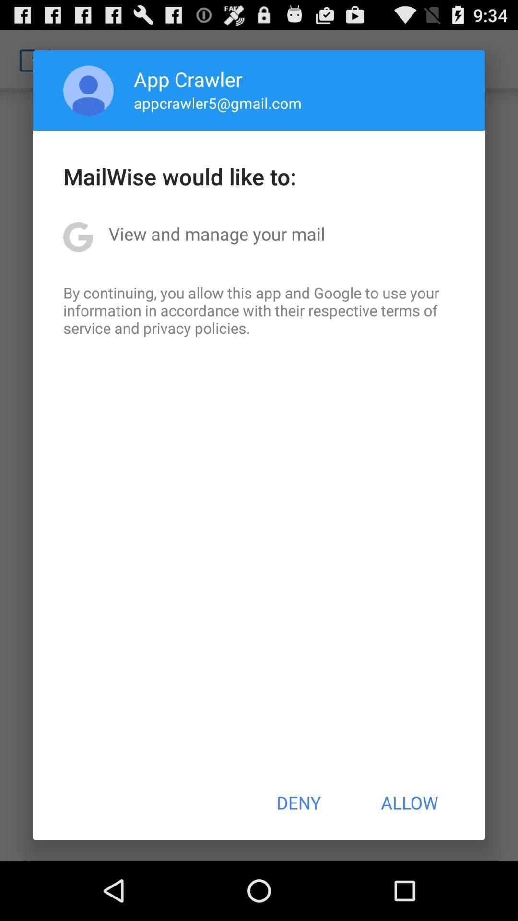  Describe the element at coordinates (218, 103) in the screenshot. I see `app above mailwise would like item` at that location.